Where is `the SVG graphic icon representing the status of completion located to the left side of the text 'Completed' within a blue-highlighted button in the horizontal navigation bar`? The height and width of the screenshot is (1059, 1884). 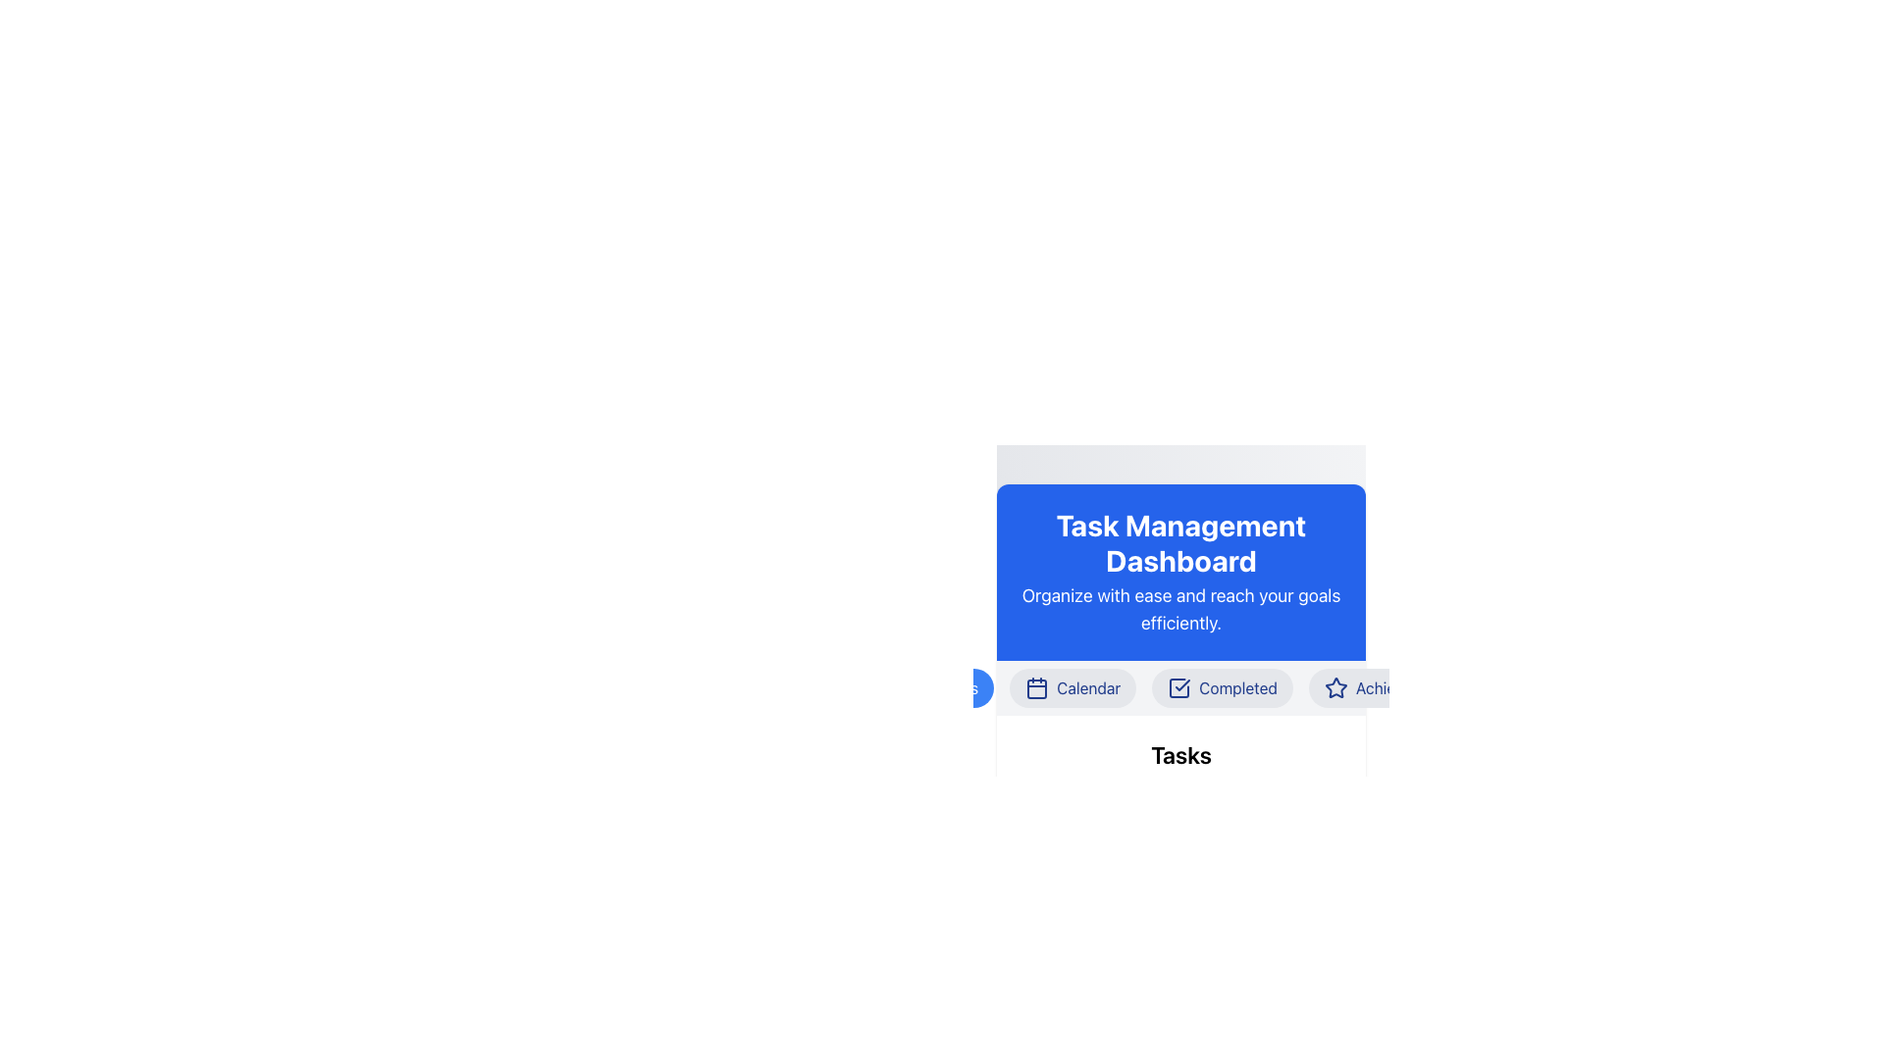 the SVG graphic icon representing the status of completion located to the left side of the text 'Completed' within a blue-highlighted button in the horizontal navigation bar is located at coordinates (1178, 687).